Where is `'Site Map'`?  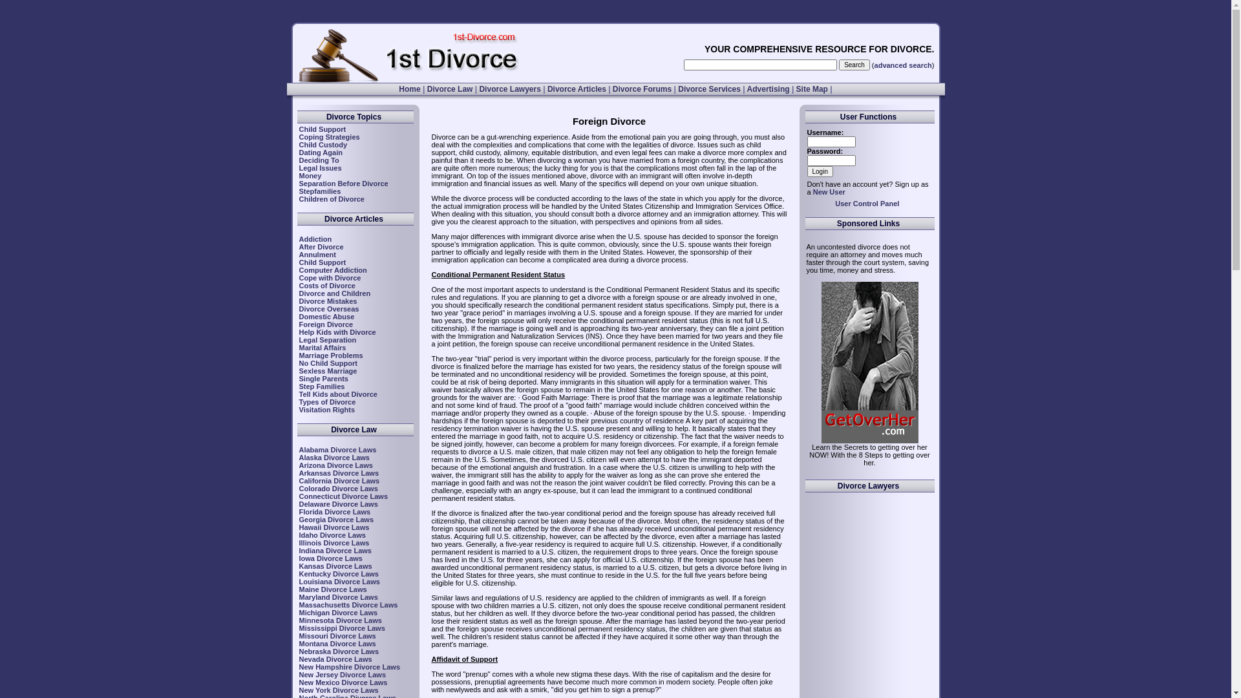 'Site Map' is located at coordinates (796, 89).